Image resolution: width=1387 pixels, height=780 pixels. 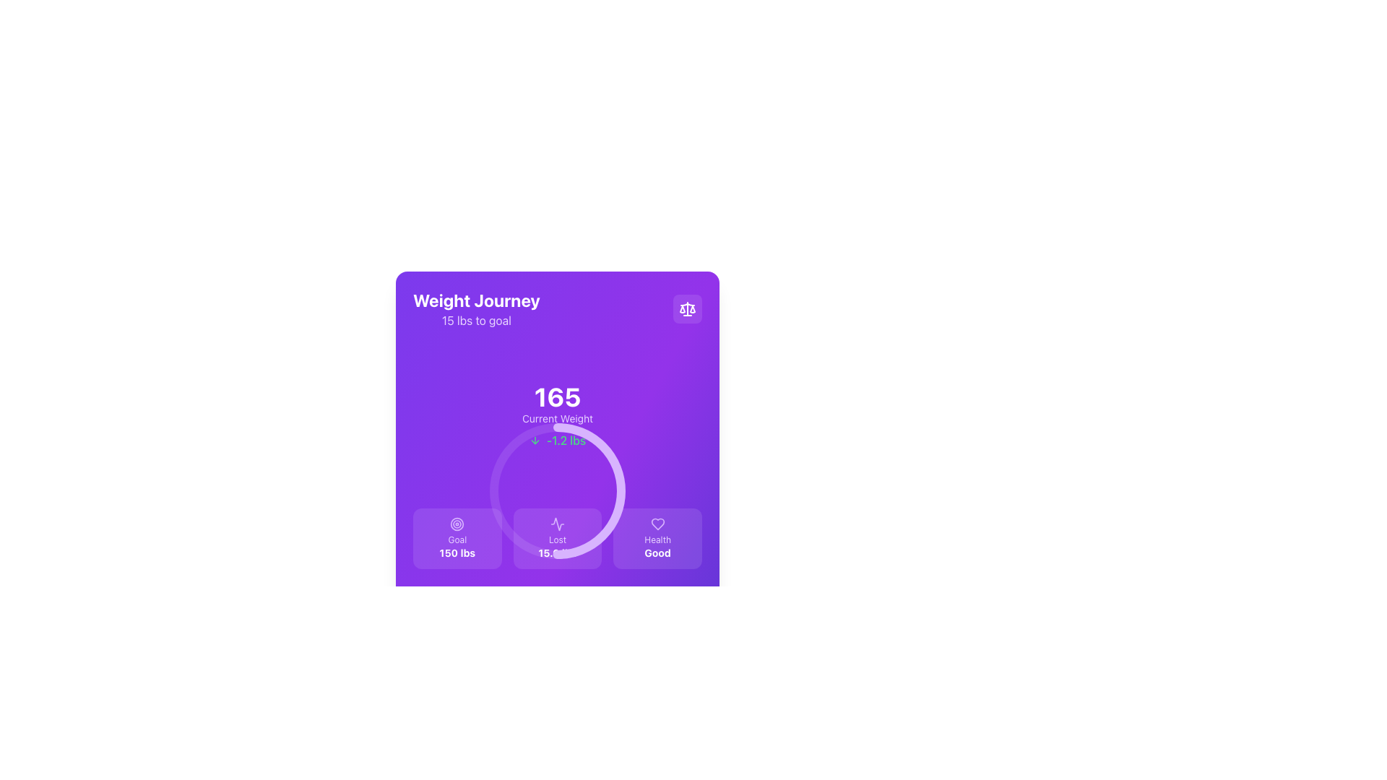 What do you see at coordinates (557, 524) in the screenshot?
I see `the central 'Lost' icon with a purple background in the panel of icons at the bottom of the card` at bounding box center [557, 524].